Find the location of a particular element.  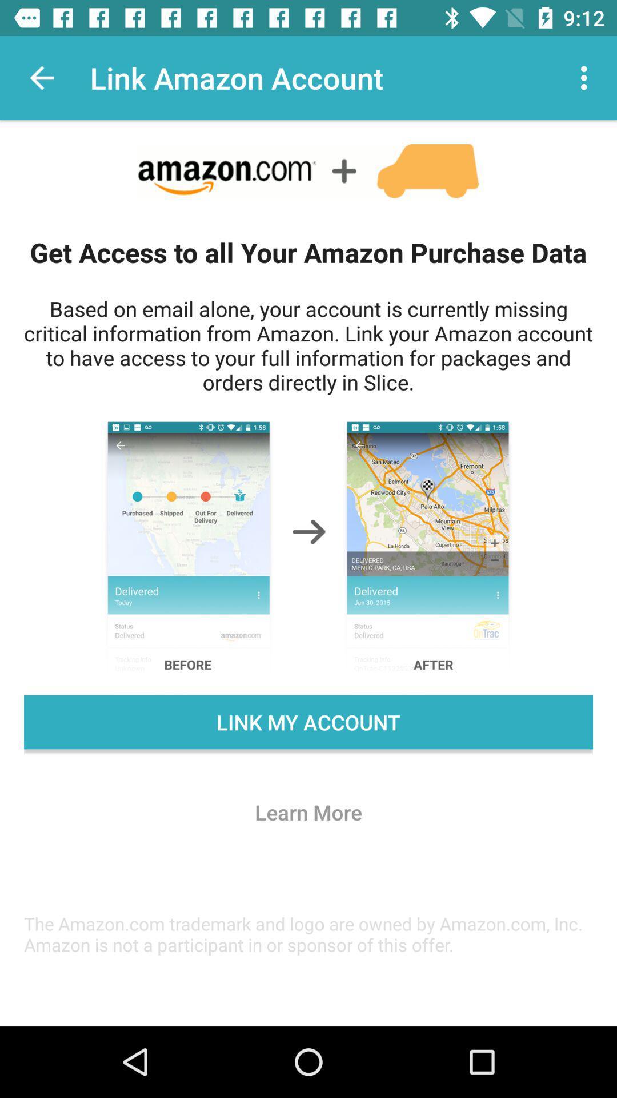

the learn more icon is located at coordinates (308, 811).